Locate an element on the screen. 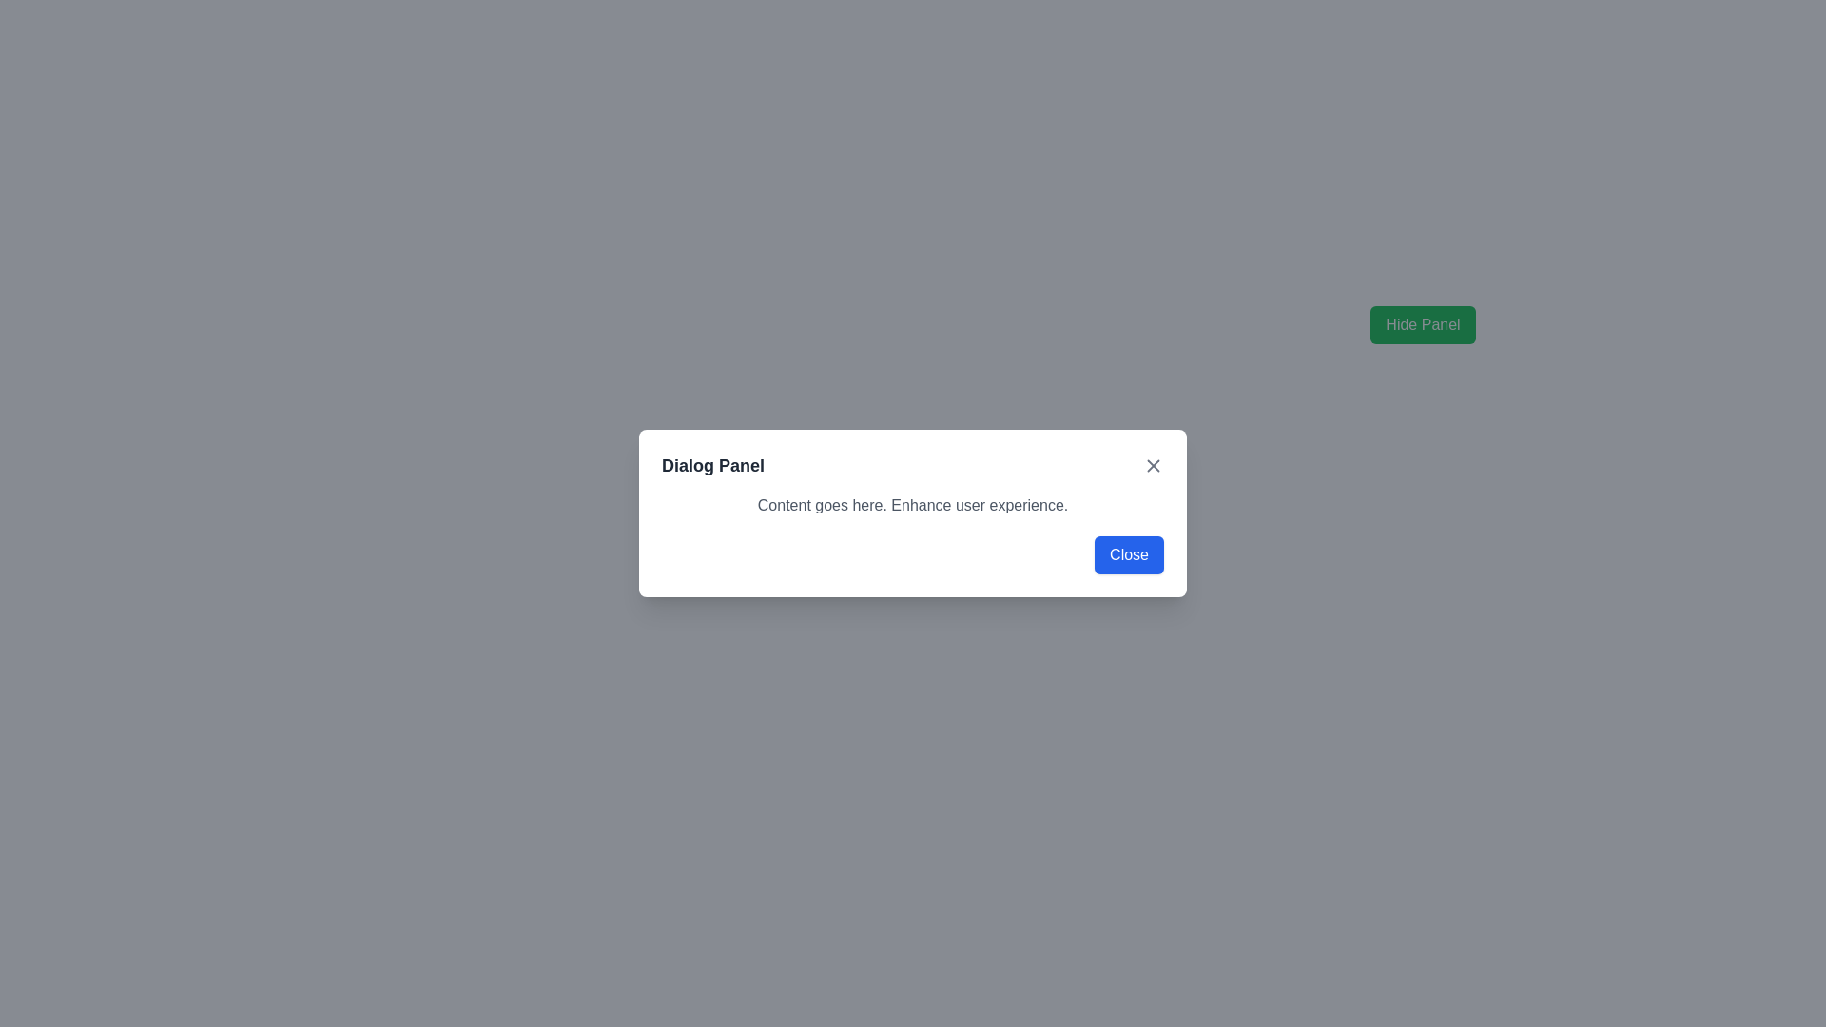 This screenshot has height=1027, width=1826. the title text label of the dialog box, which is positioned to the left of the close icon button in the upper region of the white dialog panel is located at coordinates (711, 465).